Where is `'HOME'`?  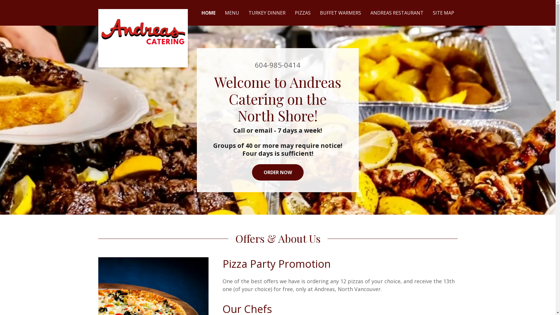
'HOME' is located at coordinates (208, 13).